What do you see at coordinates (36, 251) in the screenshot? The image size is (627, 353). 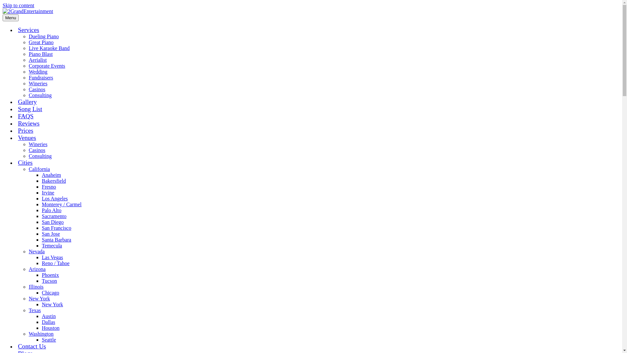 I see `'Nevada'` at bounding box center [36, 251].